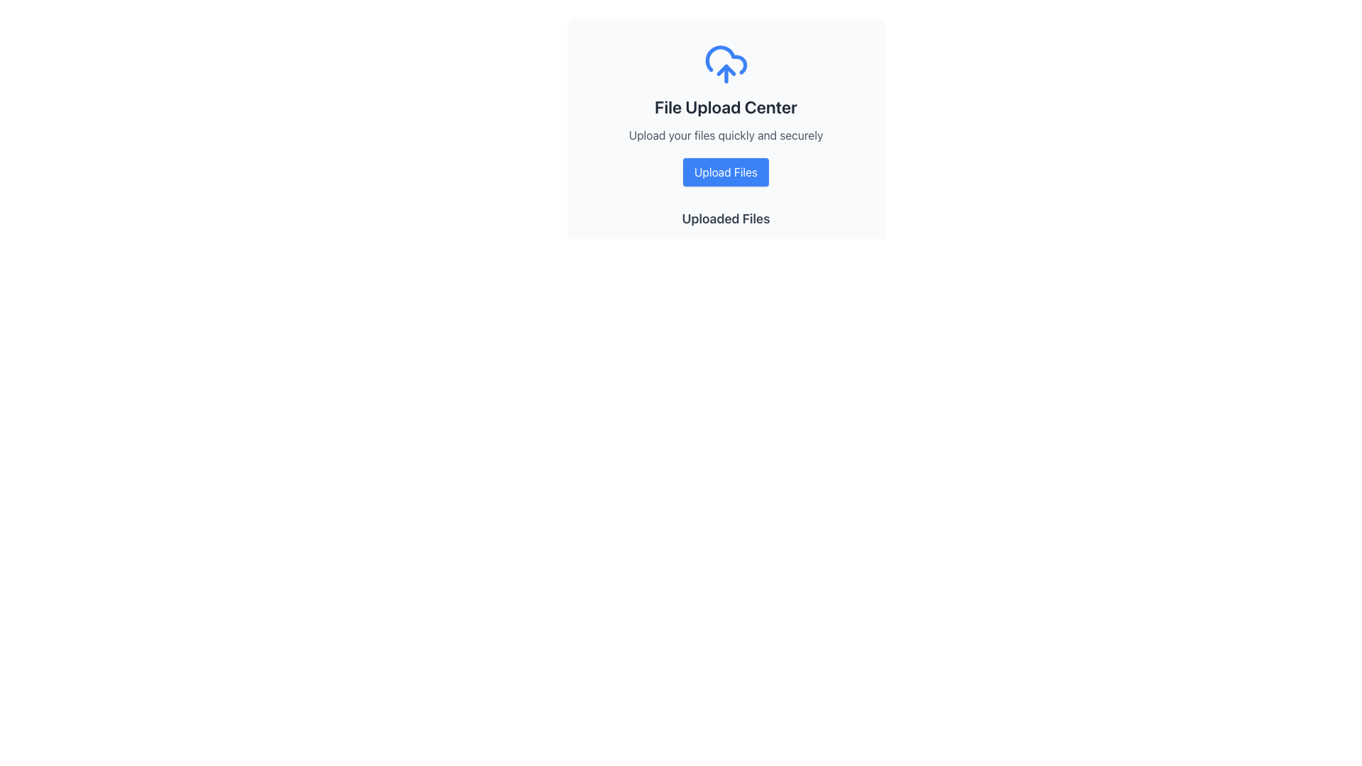  What do you see at coordinates (726, 106) in the screenshot?
I see `the text label that serves as the title for the file uploading section, positioned centrally below the cloud upload icon and above the 'Upload your files quickly and securely' text` at bounding box center [726, 106].